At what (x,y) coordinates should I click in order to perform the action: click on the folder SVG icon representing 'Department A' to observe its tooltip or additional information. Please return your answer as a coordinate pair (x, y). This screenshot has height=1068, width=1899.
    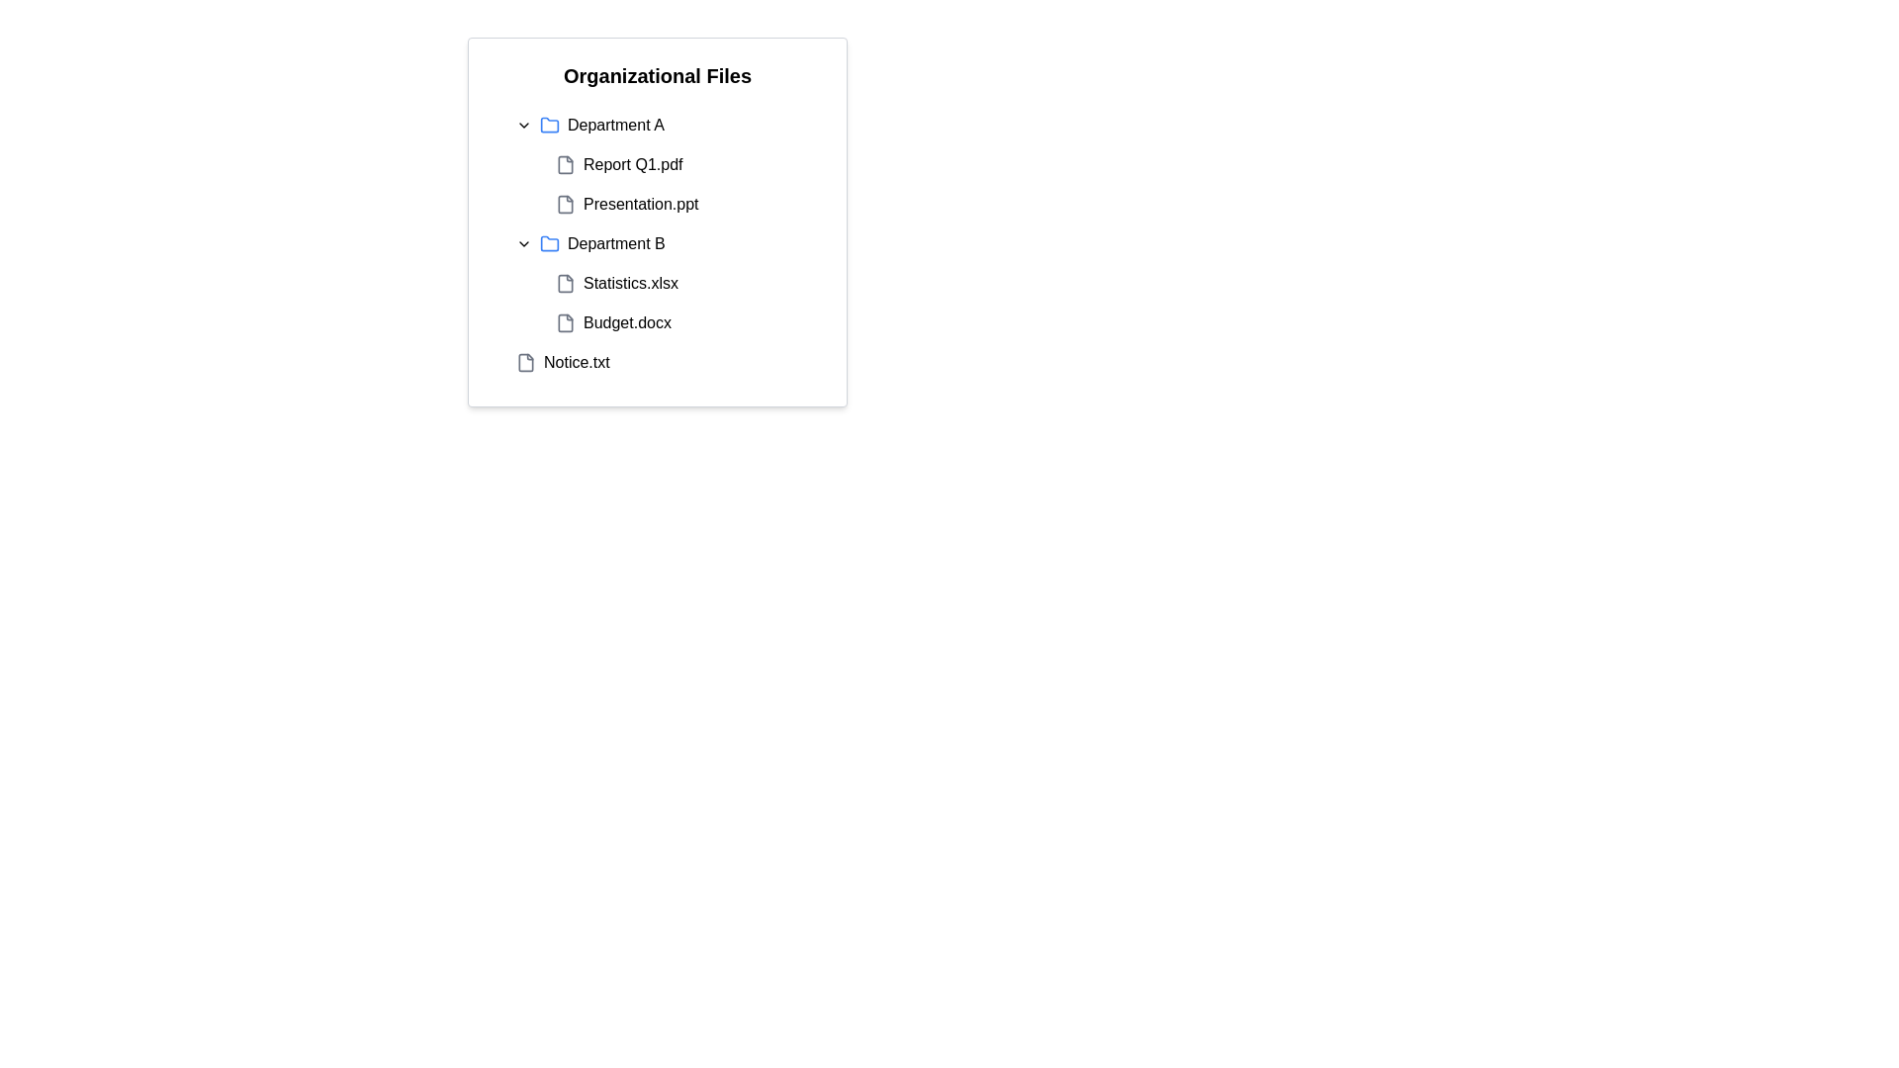
    Looking at the image, I should click on (550, 126).